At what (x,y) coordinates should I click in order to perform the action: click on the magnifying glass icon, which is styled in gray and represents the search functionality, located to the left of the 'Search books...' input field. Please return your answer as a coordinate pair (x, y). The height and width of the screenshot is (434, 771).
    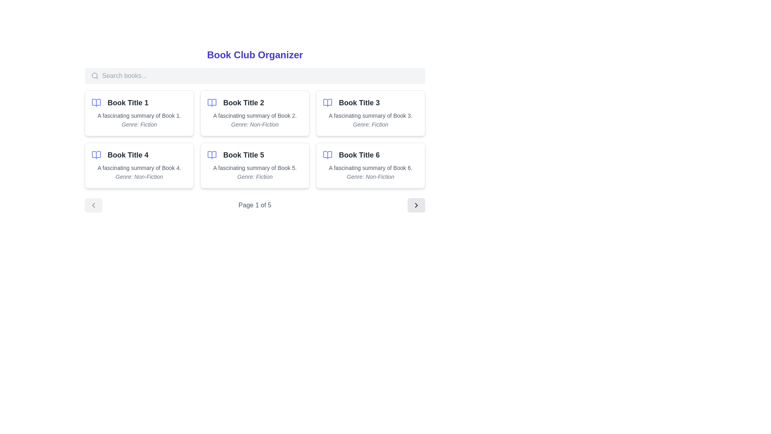
    Looking at the image, I should click on (95, 76).